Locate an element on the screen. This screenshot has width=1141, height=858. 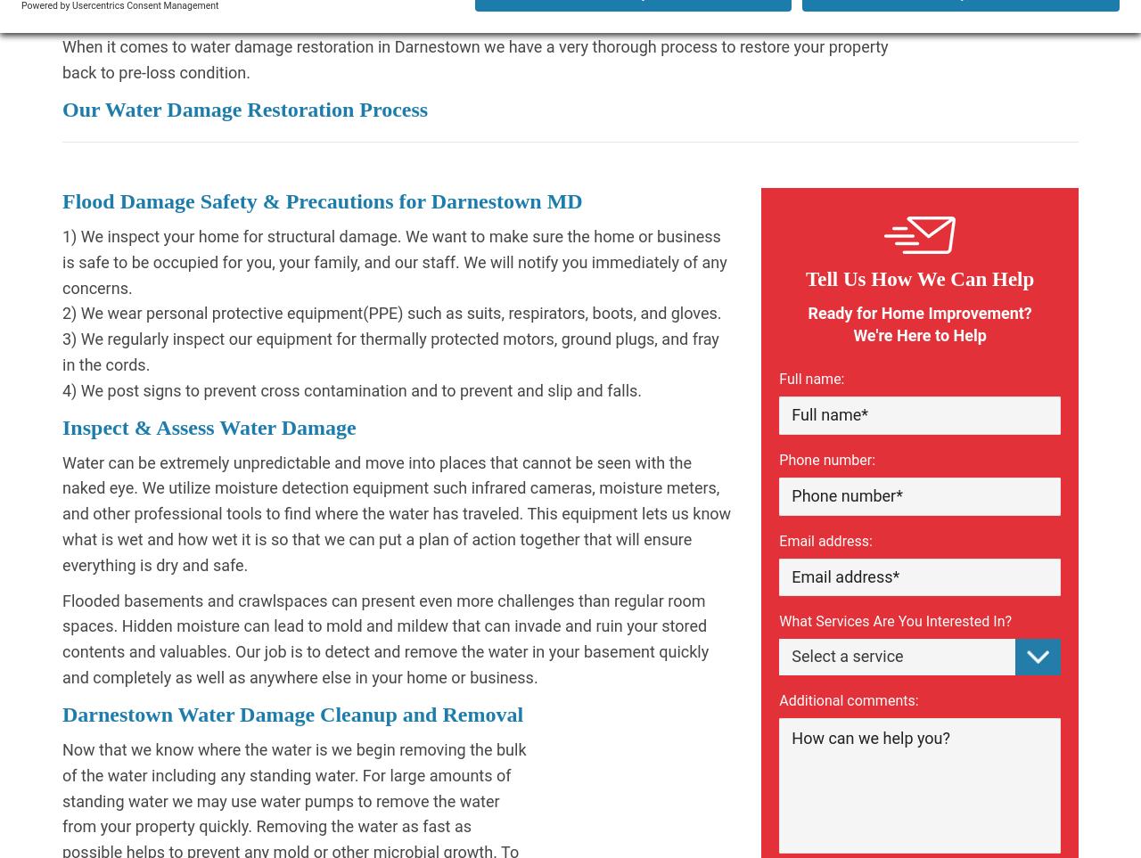
'2) We wear personal protective equipment(PPE) such as suits, respirators, boots, and gloves.' is located at coordinates (390, 312).